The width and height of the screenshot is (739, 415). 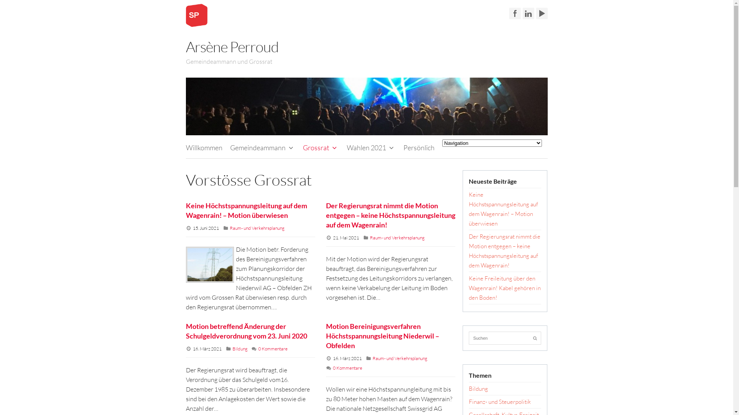 I want to click on 'Gemeindeammann', so click(x=262, y=148).